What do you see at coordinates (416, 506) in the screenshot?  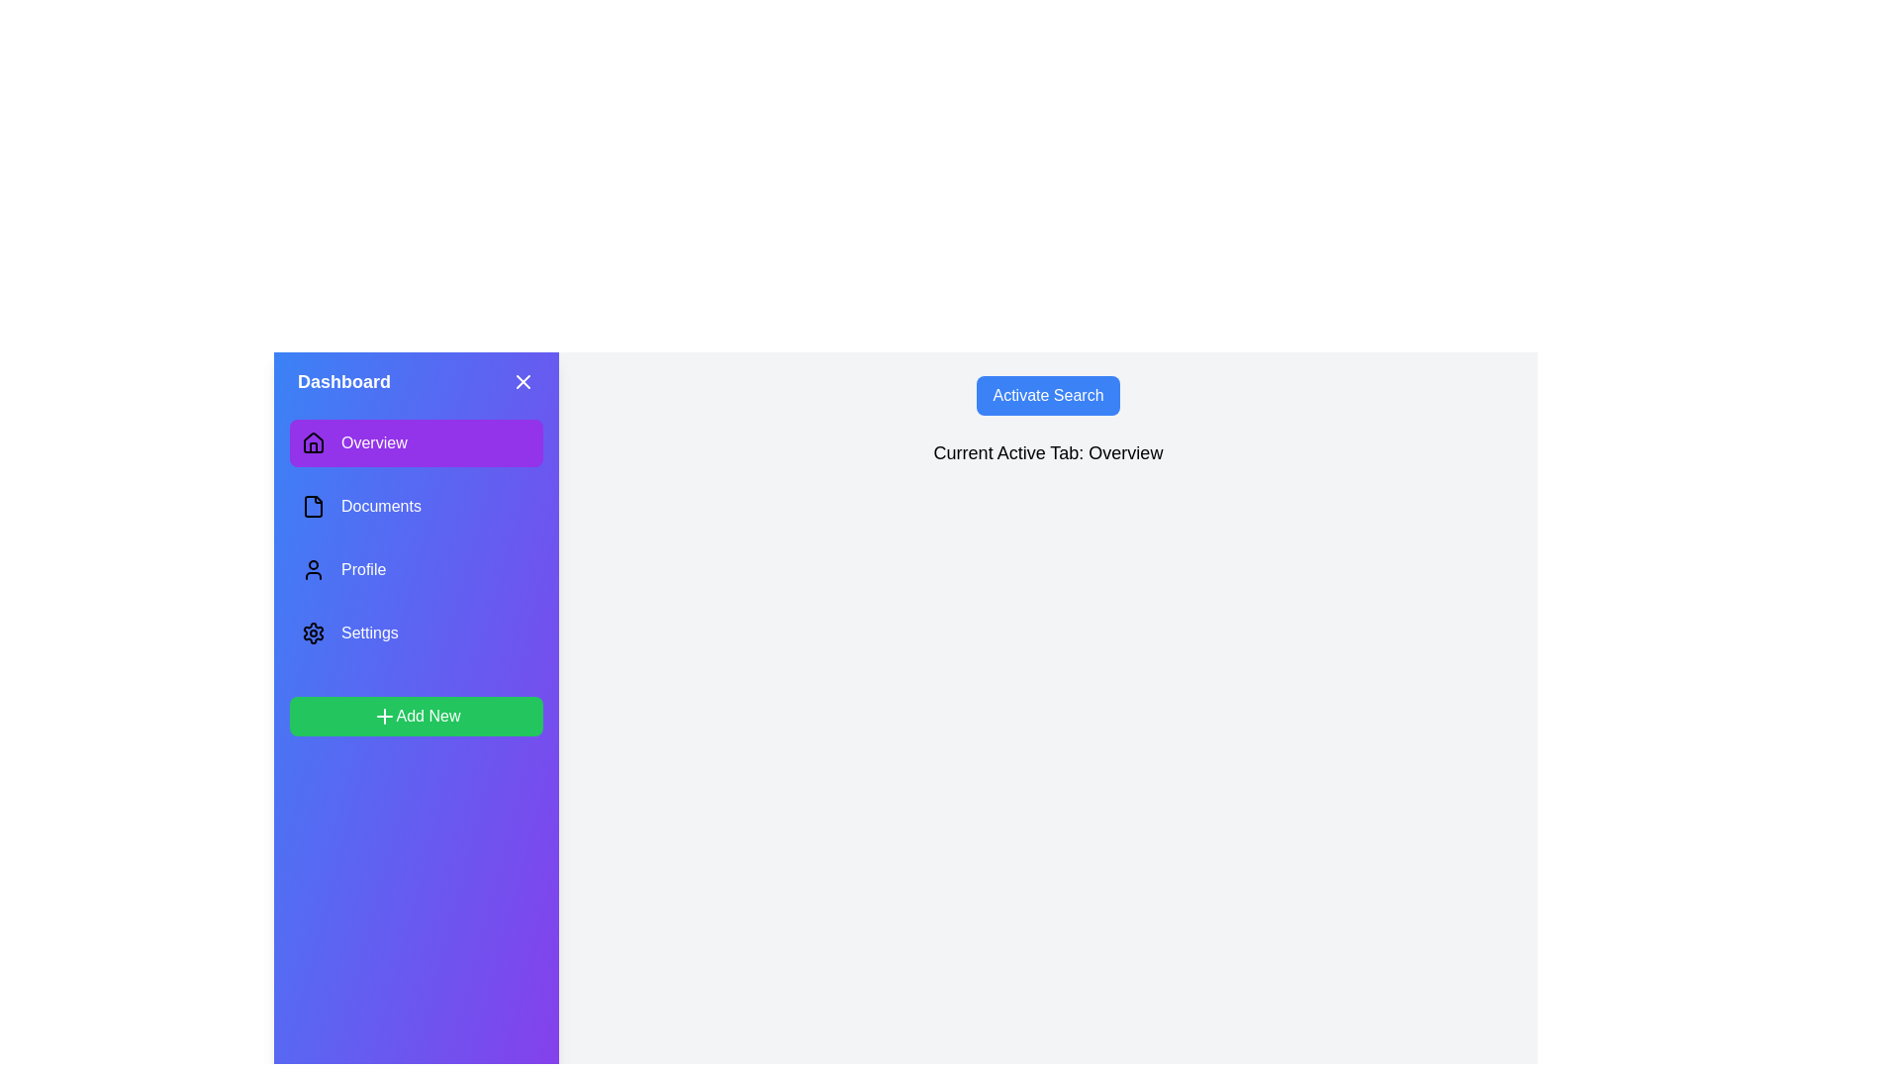 I see `the 'Documents' menu item located in the vertical navigation menu beneath 'Overview'` at bounding box center [416, 506].